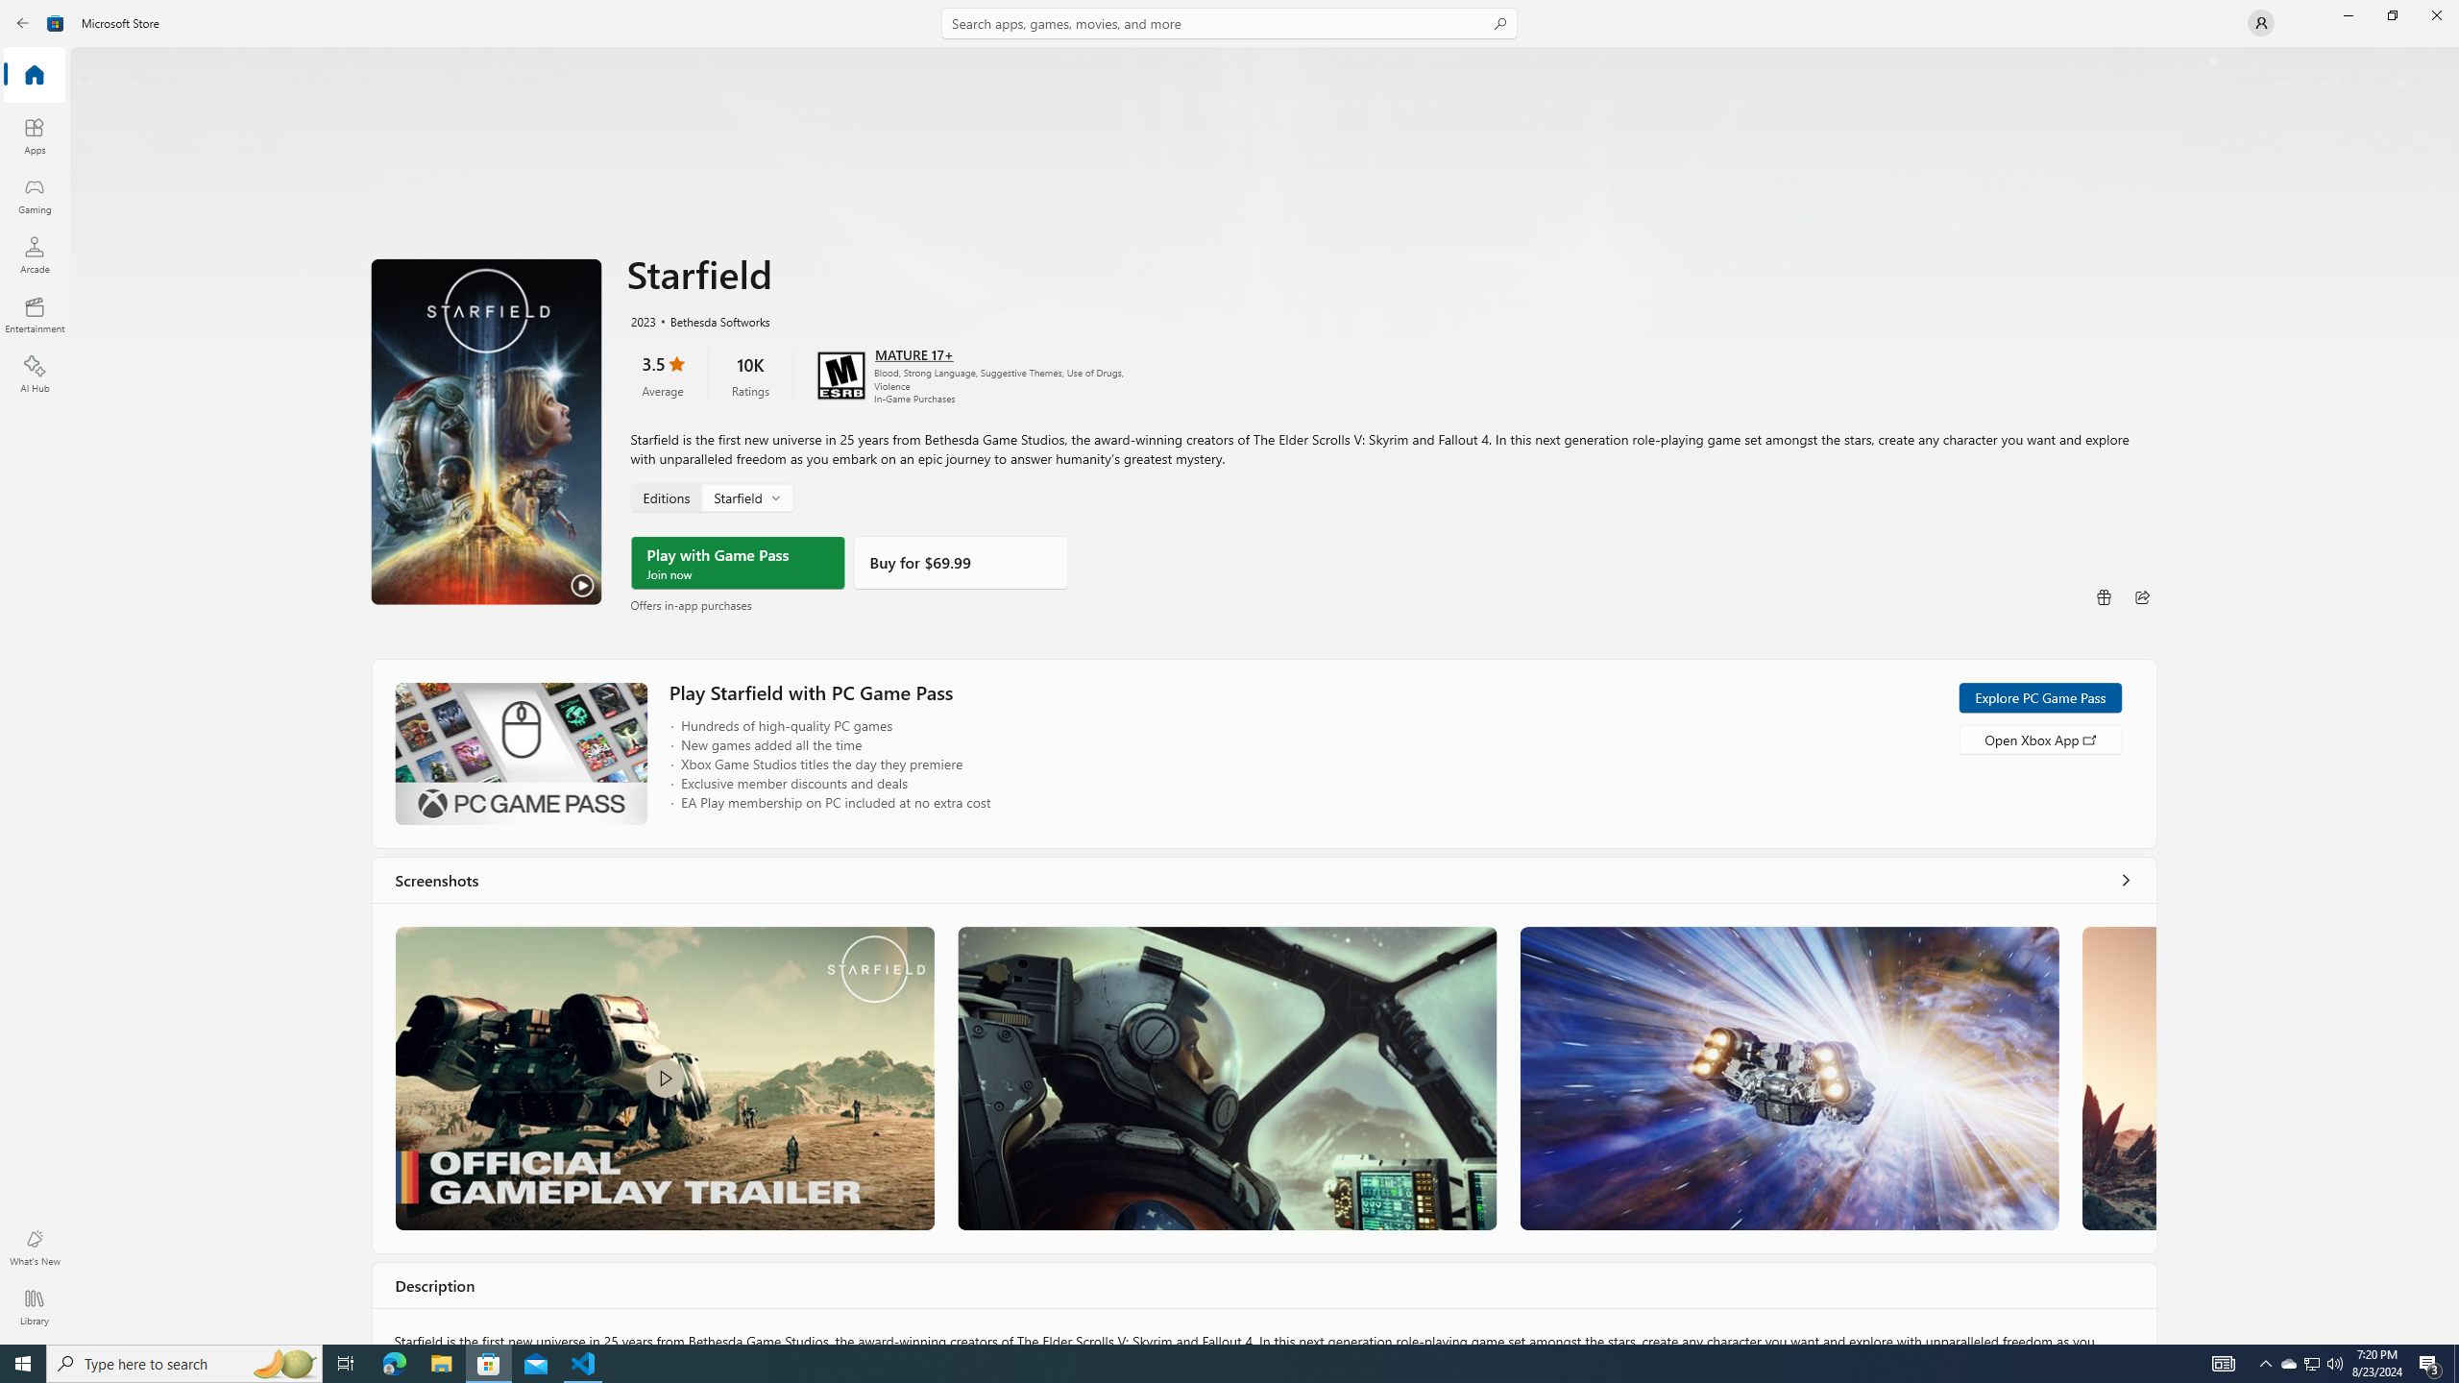 Image resolution: width=2459 pixels, height=1383 pixels. Describe the element at coordinates (913, 352) in the screenshot. I see `'Age rating: MATURE 17+. Click for more information.'` at that location.